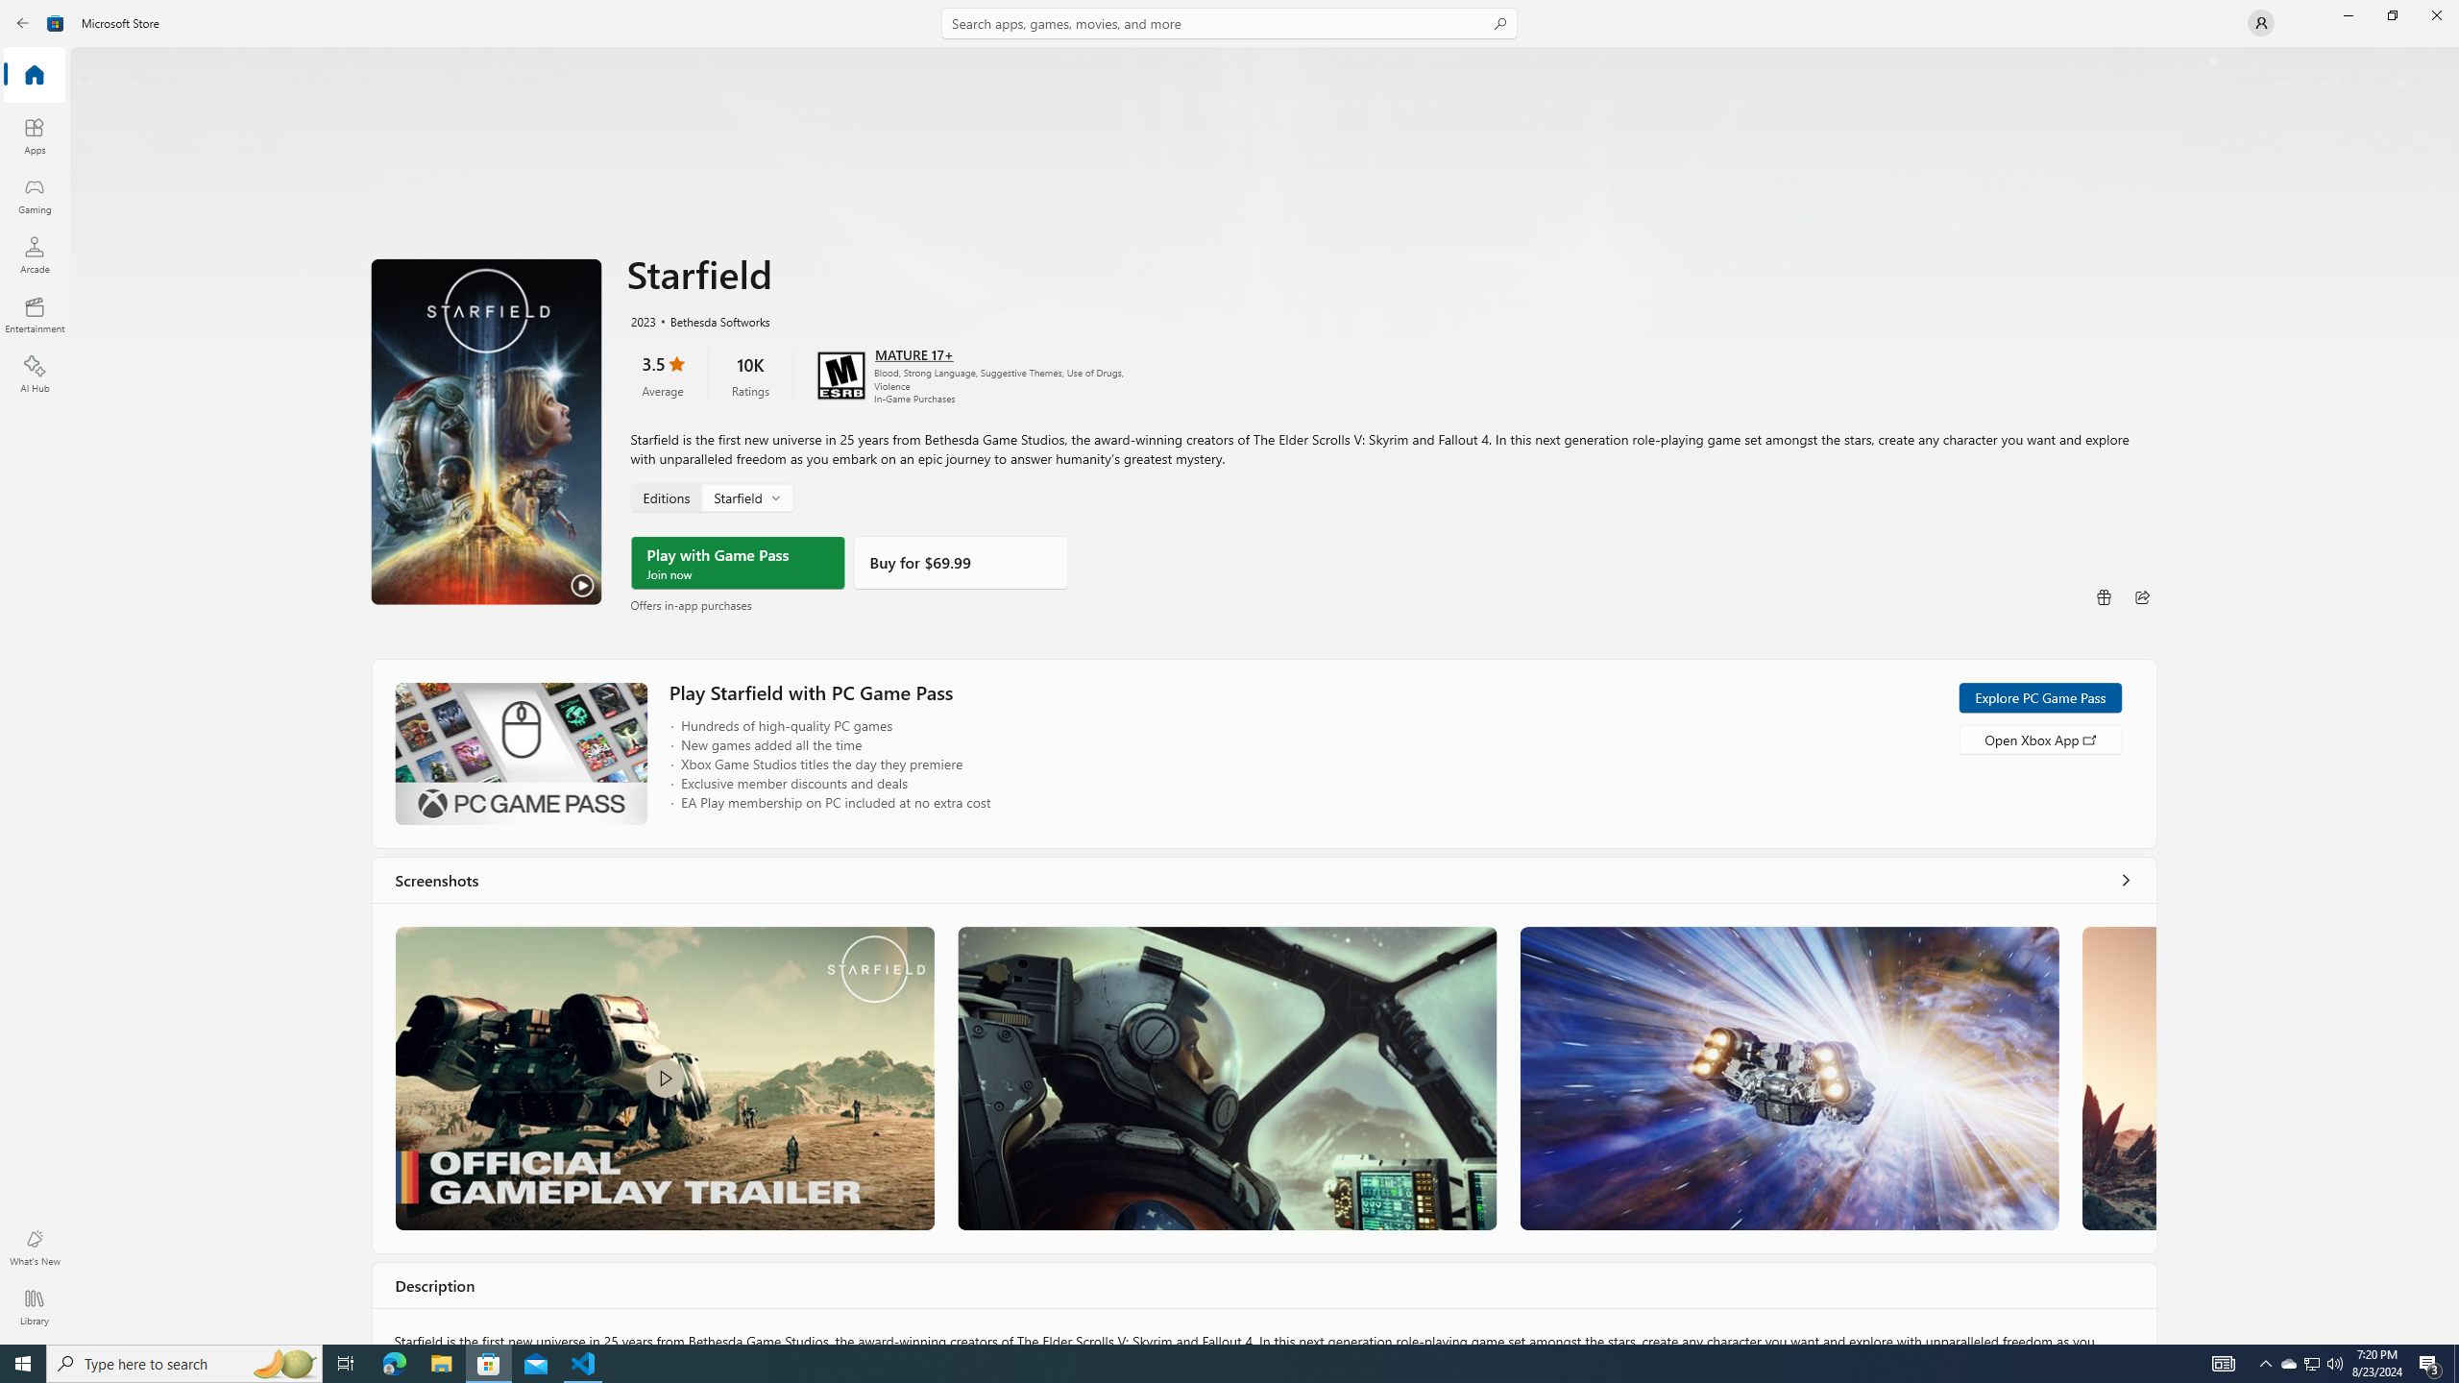 Image resolution: width=2459 pixels, height=1383 pixels. Describe the element at coordinates (913, 352) in the screenshot. I see `'Age rating: MATURE 17+. Click for more information.'` at that location.